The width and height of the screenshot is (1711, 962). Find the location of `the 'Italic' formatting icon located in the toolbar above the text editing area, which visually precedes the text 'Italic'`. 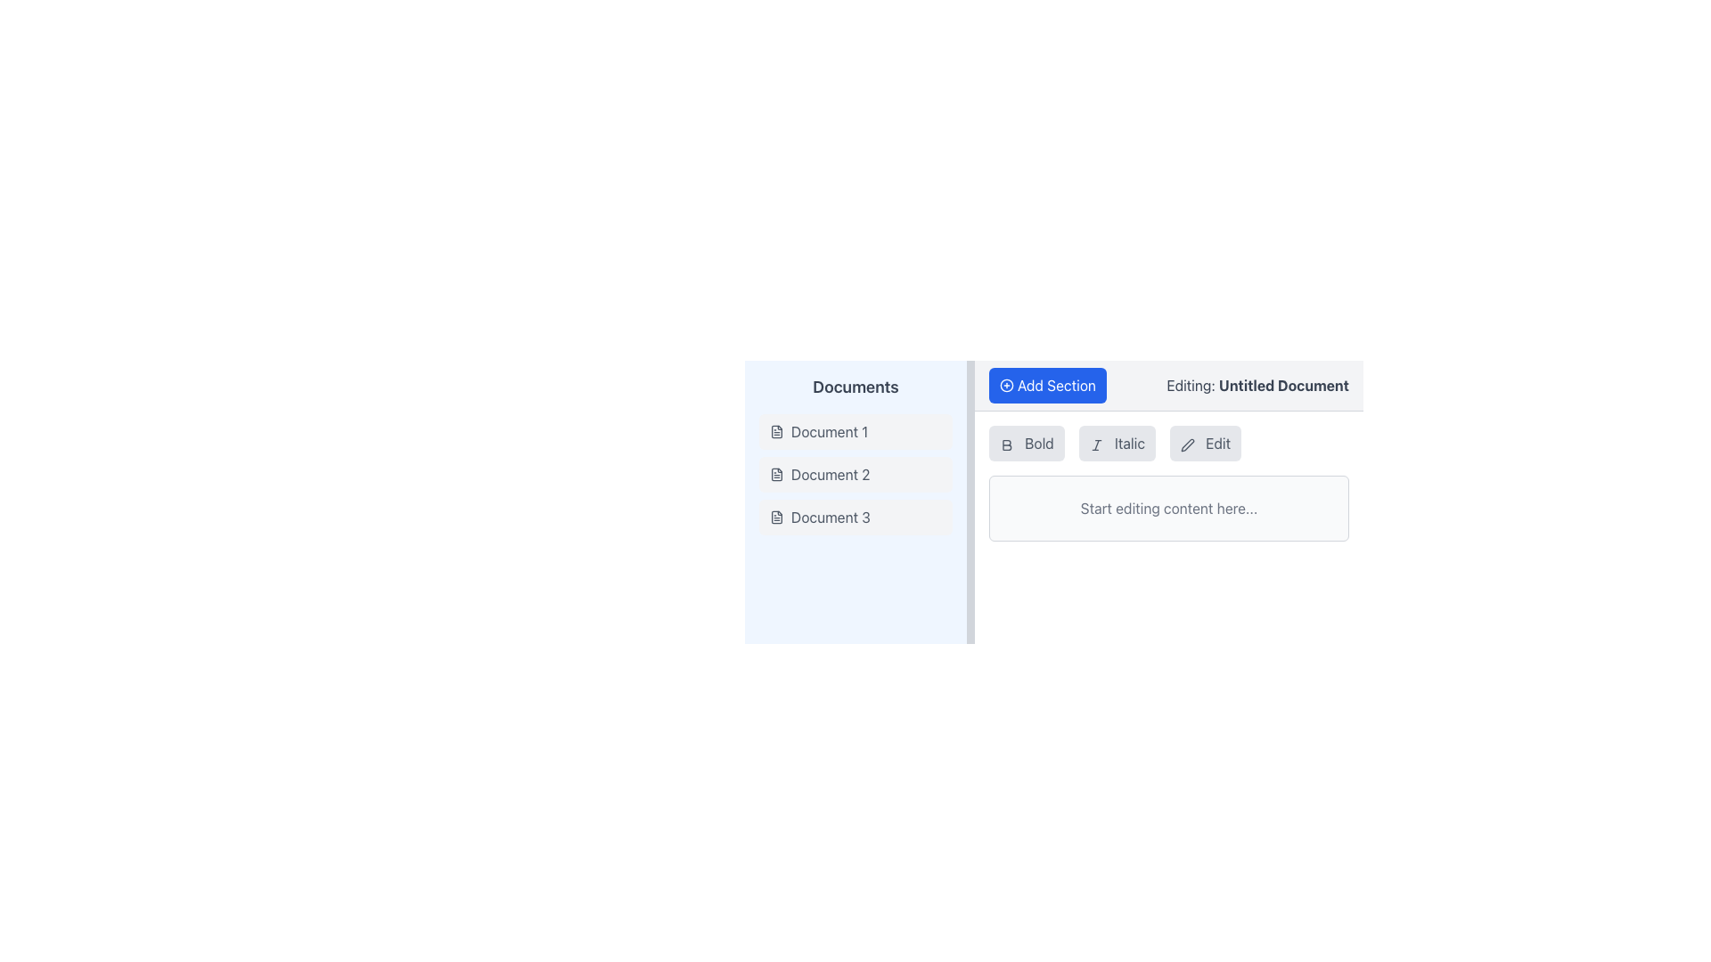

the 'Italic' formatting icon located in the toolbar above the text editing area, which visually precedes the text 'Italic' is located at coordinates (1095, 444).